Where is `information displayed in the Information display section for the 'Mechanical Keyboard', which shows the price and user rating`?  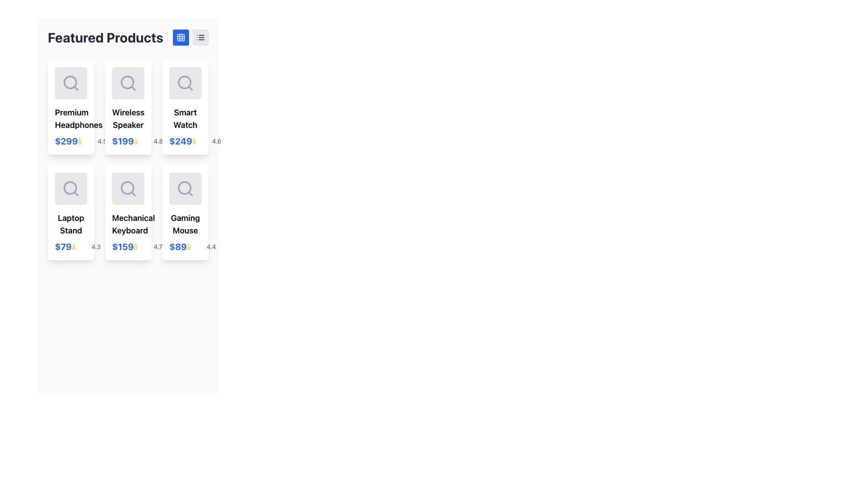
information displayed in the Information display section for the 'Mechanical Keyboard', which shows the price and user rating is located at coordinates (128, 246).